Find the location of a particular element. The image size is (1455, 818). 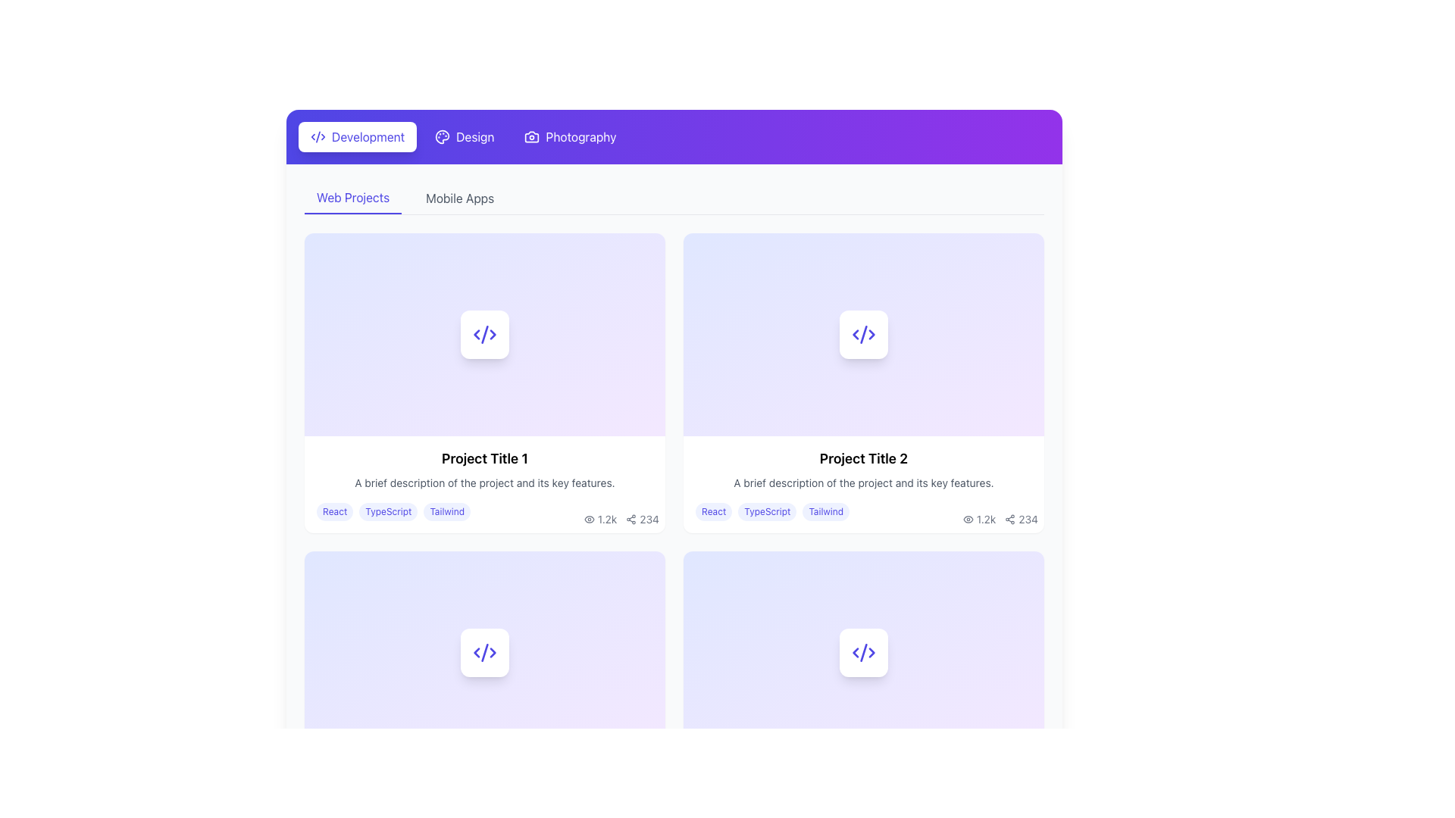

the artistic design category icon located in the header section is located at coordinates (442, 137).